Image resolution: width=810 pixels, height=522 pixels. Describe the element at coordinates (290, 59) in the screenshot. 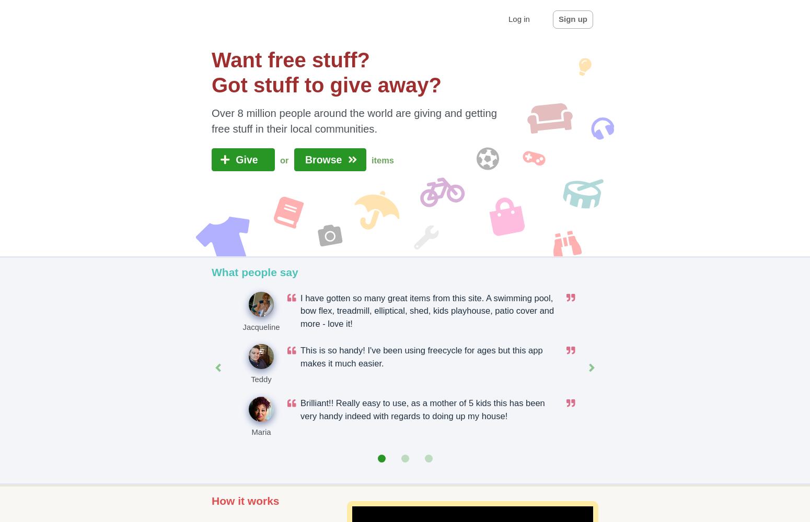

I see `'Want free stuff?'` at that location.